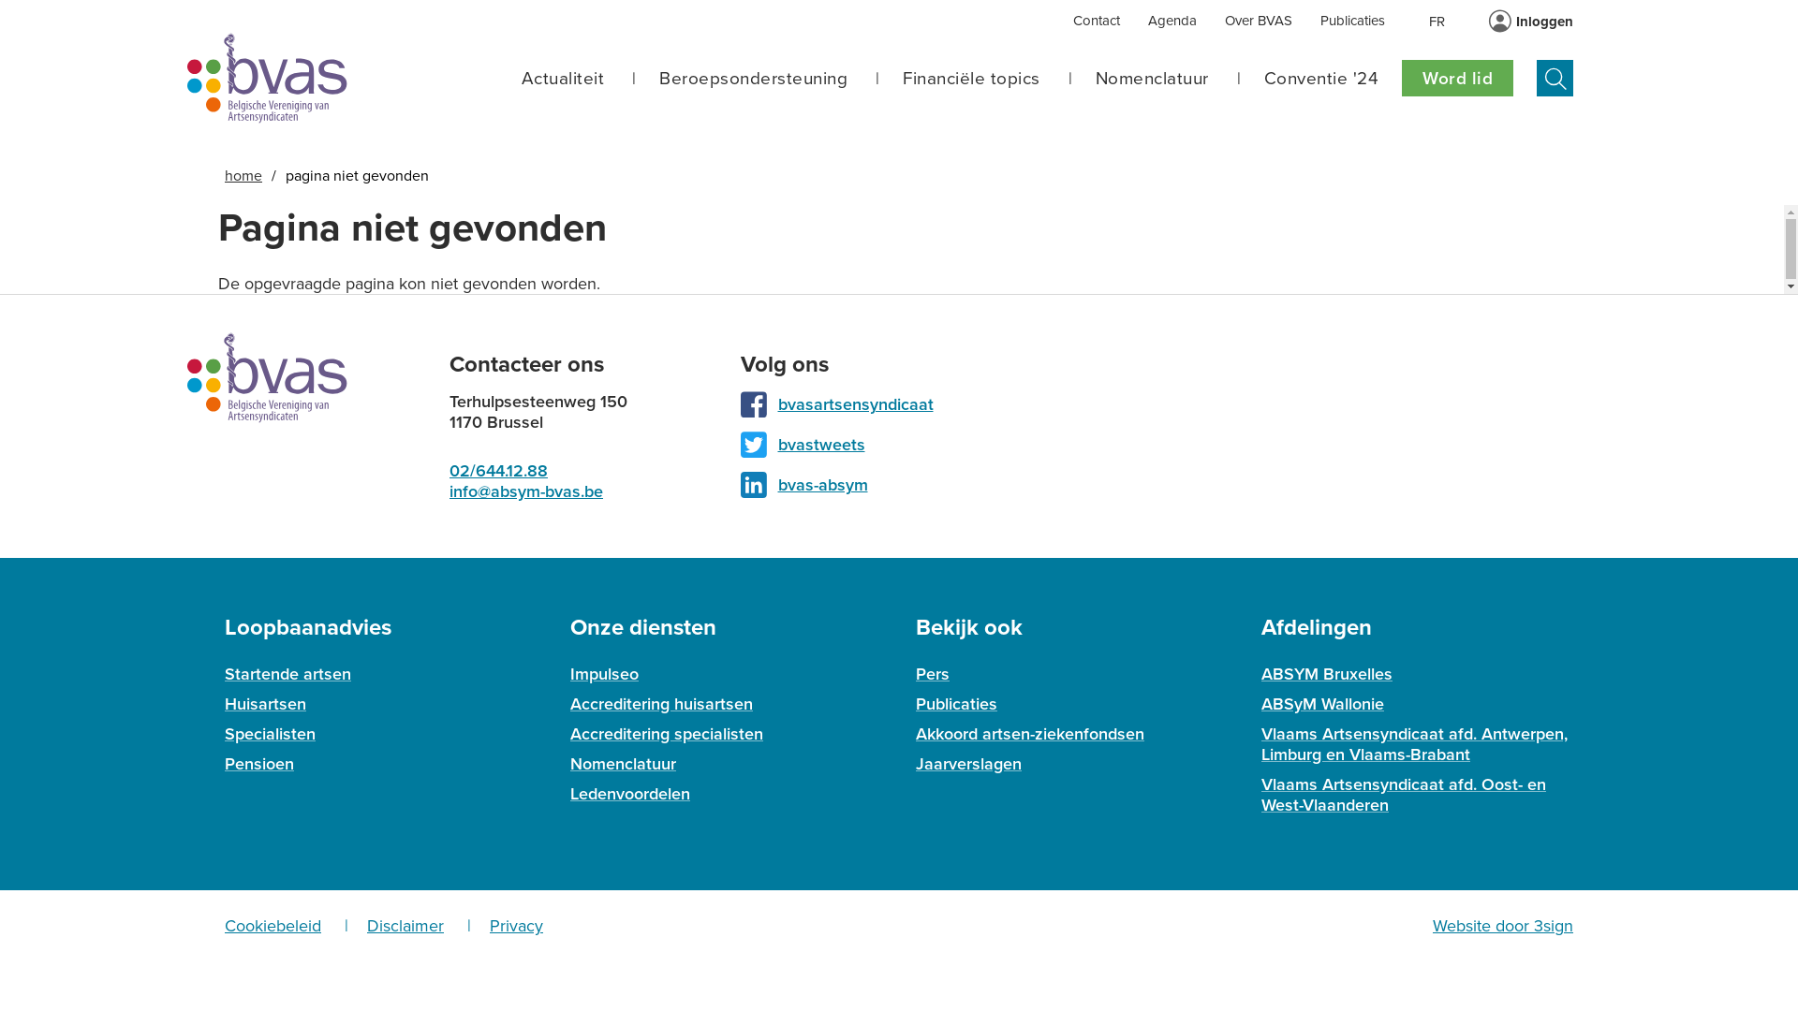  What do you see at coordinates (516, 924) in the screenshot?
I see `'Privacy'` at bounding box center [516, 924].